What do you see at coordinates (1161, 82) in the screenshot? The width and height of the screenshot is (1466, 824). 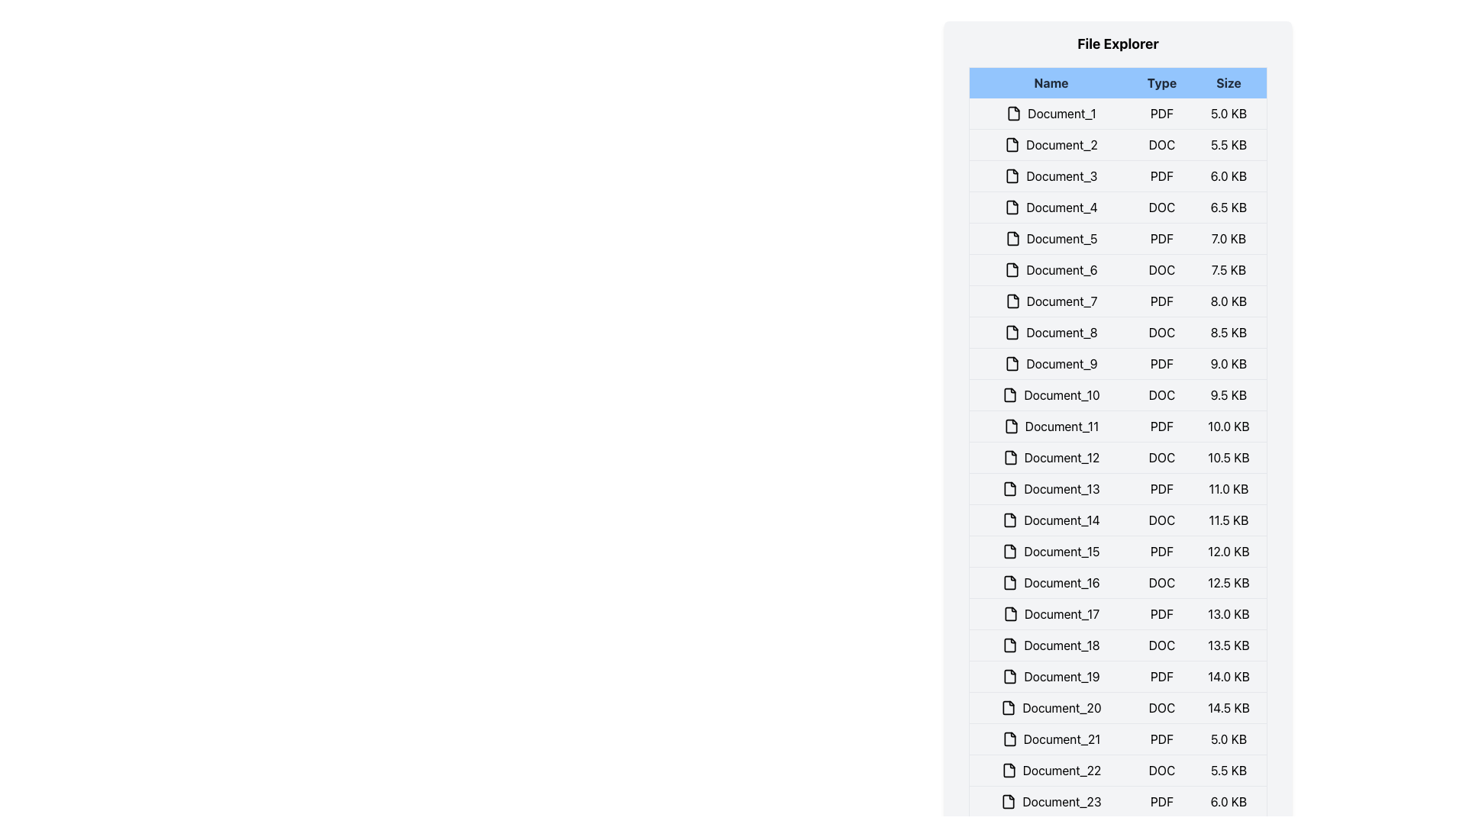 I see `the static text label 'Type', which is centered within a light blue rectangular background in the header row of a file table` at bounding box center [1161, 82].